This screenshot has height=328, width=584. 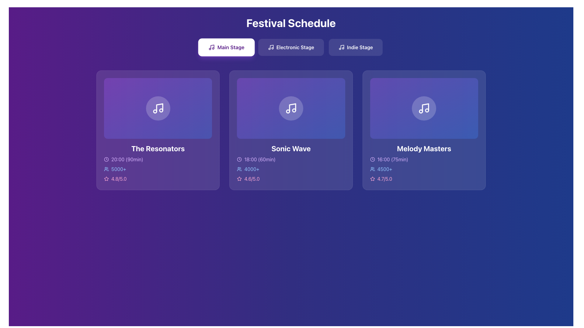 What do you see at coordinates (372, 178) in the screenshot?
I see `the rating icon representing the 5-star system for the 'Melody Masters' event in the rightmost column of the grid` at bounding box center [372, 178].